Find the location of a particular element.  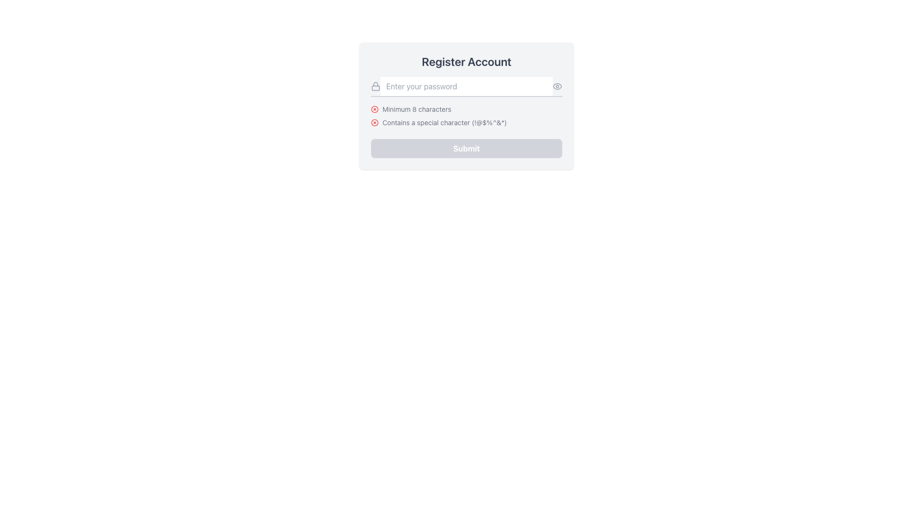

the red circular shape within the SVG graphic that is located near the second validation message is located at coordinates (374, 121).